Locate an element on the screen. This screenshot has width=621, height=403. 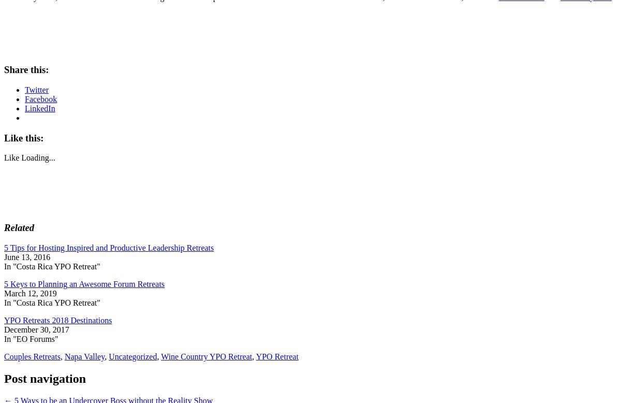
'Related' is located at coordinates (19, 227).